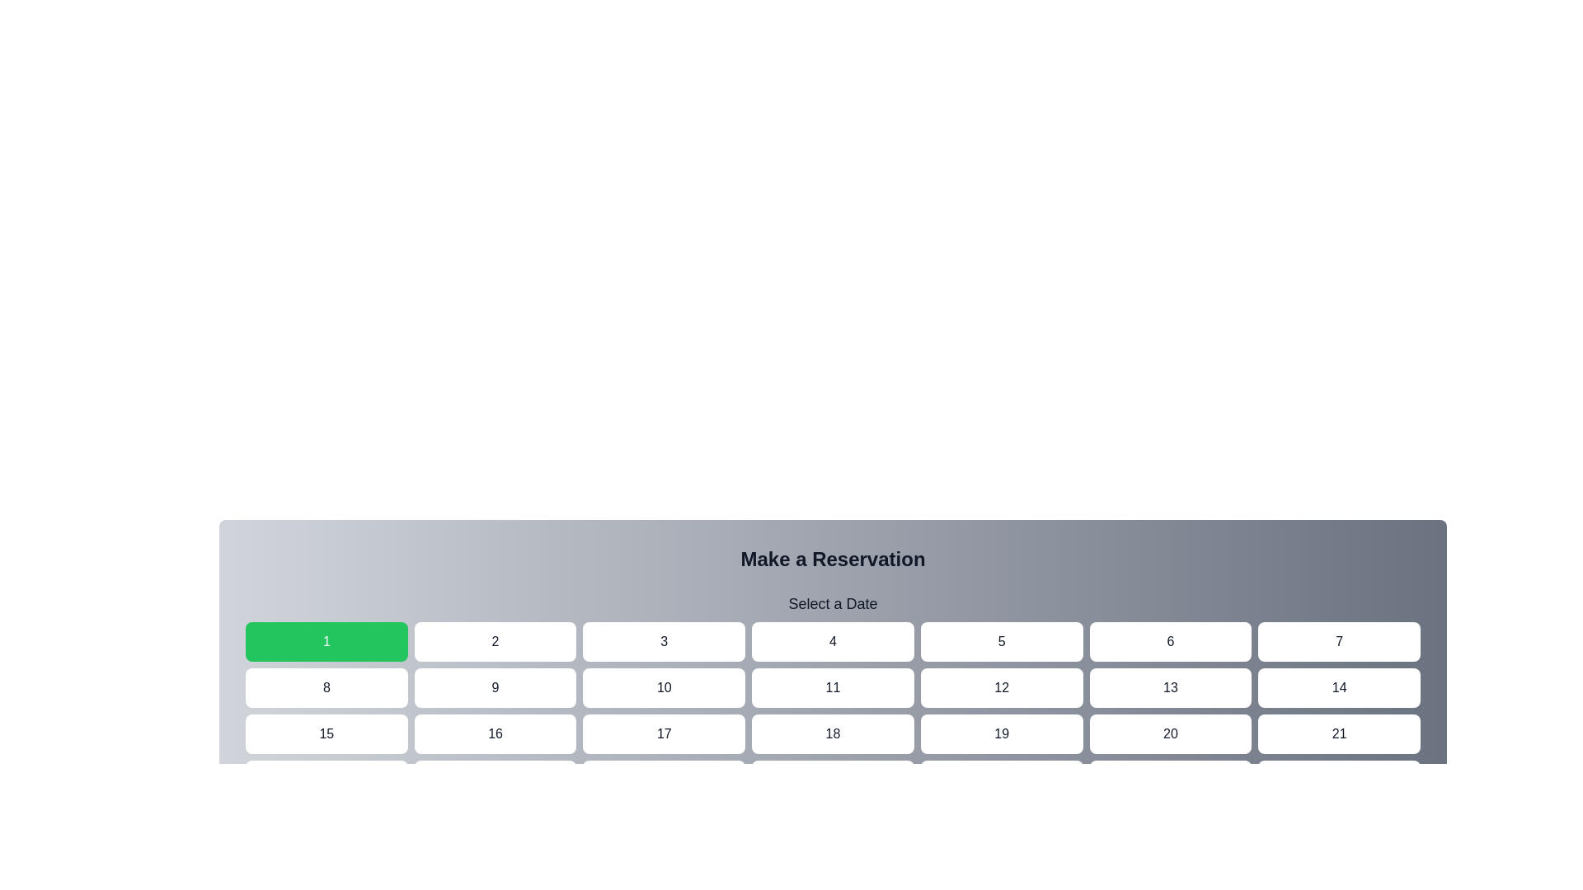 This screenshot has width=1583, height=890. I want to click on the interactive button in the seventh column of the fourth row, so click(1339, 733).